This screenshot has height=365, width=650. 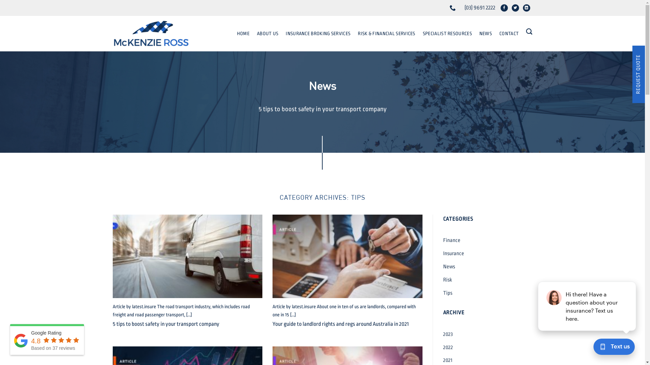 What do you see at coordinates (0, 0) in the screenshot?
I see `'Skip to content'` at bounding box center [0, 0].